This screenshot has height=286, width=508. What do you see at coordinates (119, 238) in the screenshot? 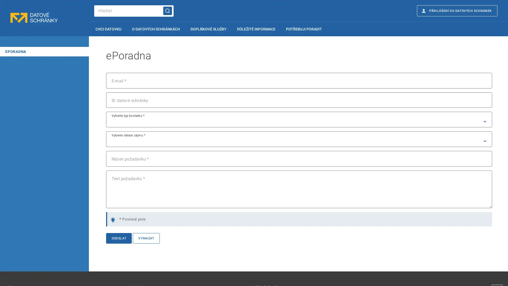
I see `ODESLAT` at bounding box center [119, 238].